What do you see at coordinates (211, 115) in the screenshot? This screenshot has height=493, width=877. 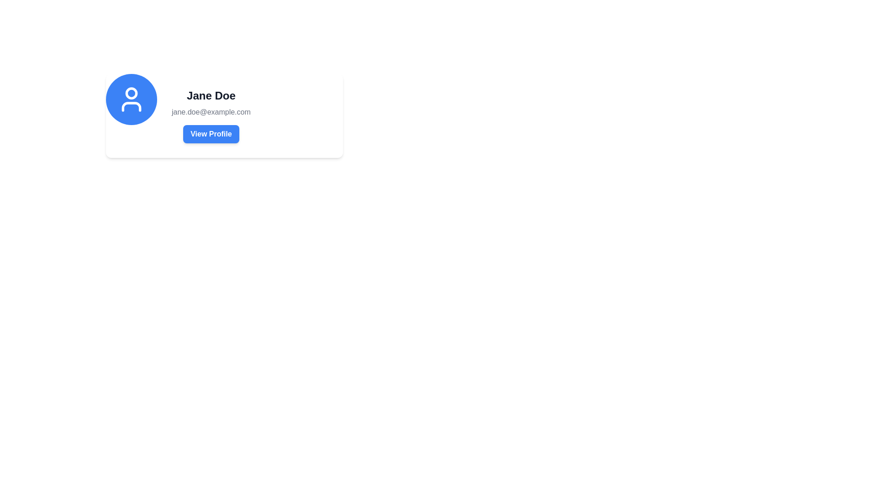 I see `the 'View Profile' button in the Profile Overview Section` at bounding box center [211, 115].